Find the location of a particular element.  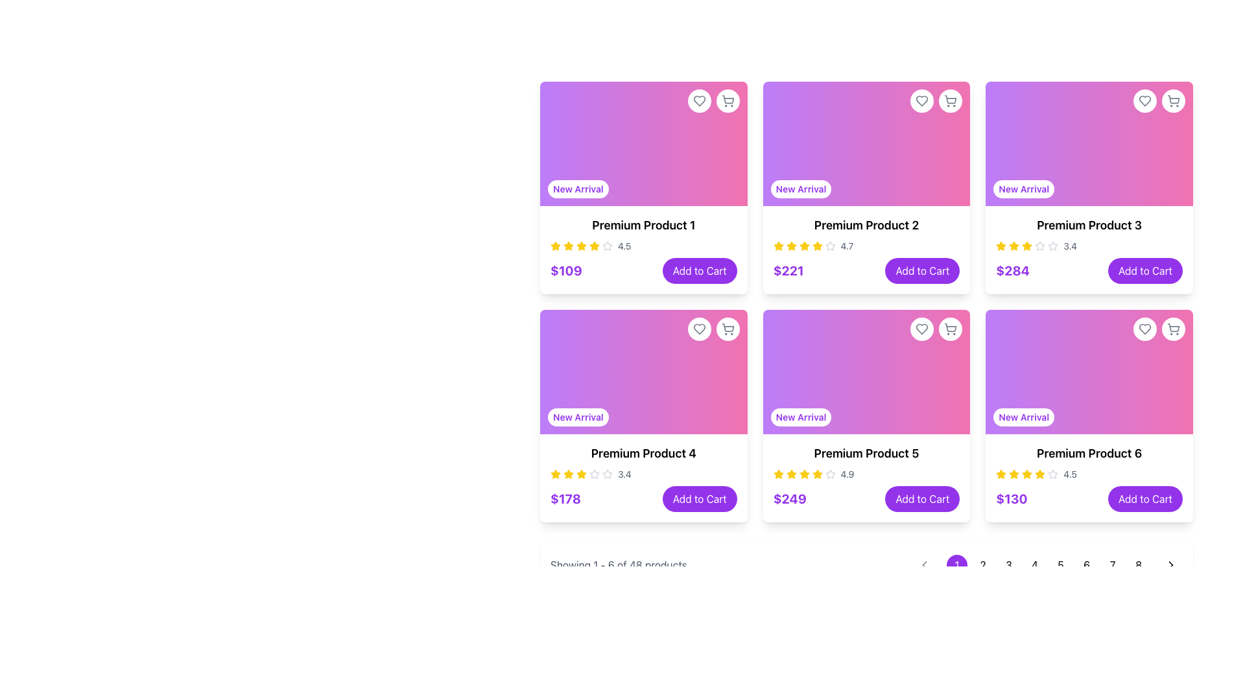

the text label displaying the value '4.5', which is positioned below the rating stars in the product card is located at coordinates (624, 246).